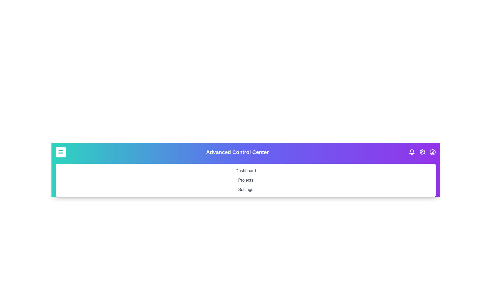  What do you see at coordinates (245, 180) in the screenshot?
I see `the Projects link in the app bar` at bounding box center [245, 180].